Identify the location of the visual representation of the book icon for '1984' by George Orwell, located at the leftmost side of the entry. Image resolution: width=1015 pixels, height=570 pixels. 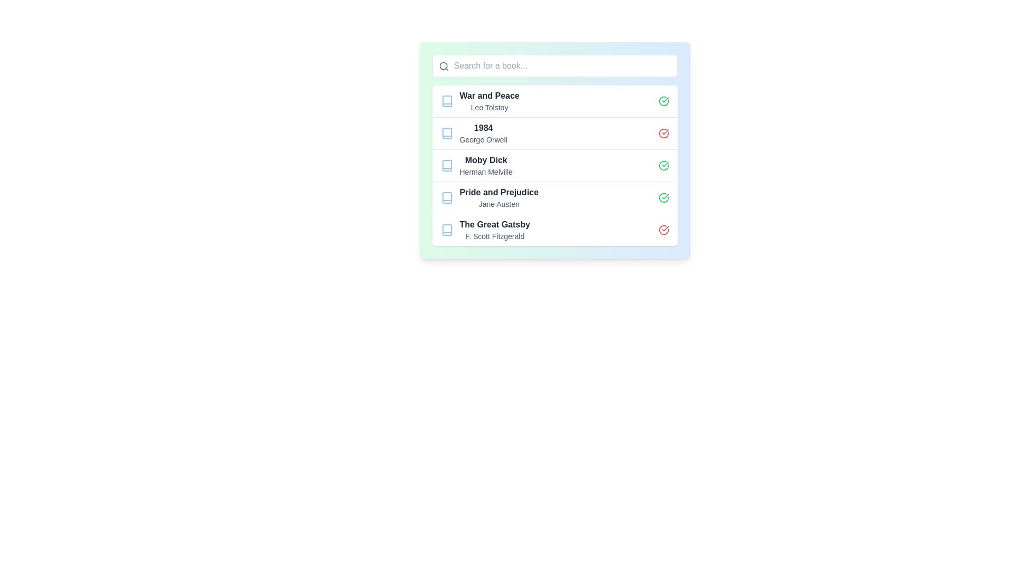
(447, 133).